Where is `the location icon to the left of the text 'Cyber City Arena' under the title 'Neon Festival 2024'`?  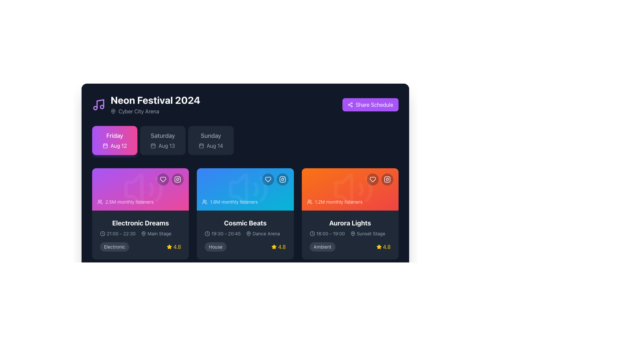 the location icon to the left of the text 'Cyber City Arena' under the title 'Neon Festival 2024' is located at coordinates (113, 110).